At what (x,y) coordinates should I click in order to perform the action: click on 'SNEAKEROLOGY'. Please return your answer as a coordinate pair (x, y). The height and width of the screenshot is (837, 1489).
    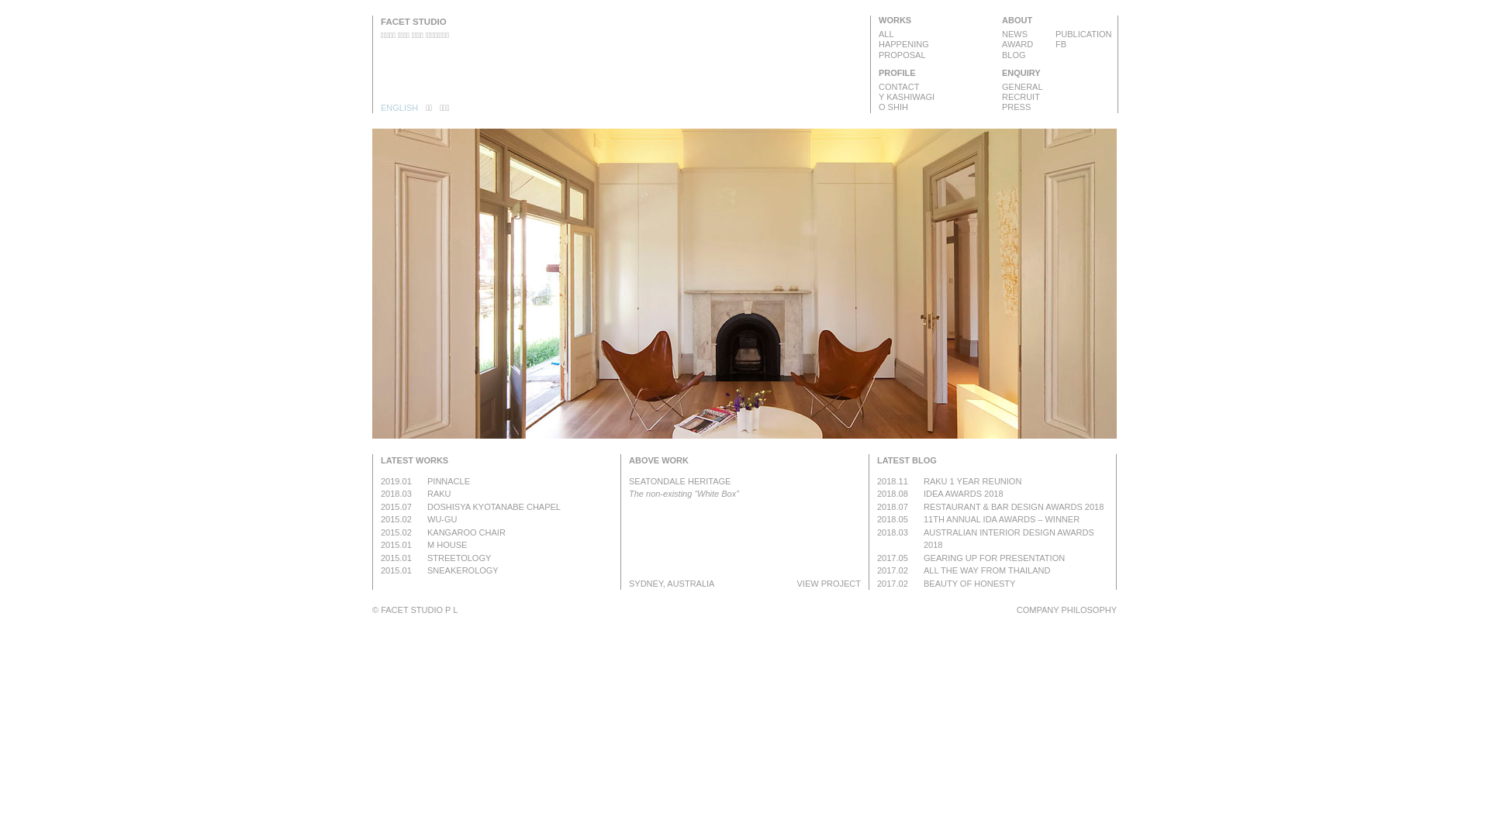
    Looking at the image, I should click on (427, 570).